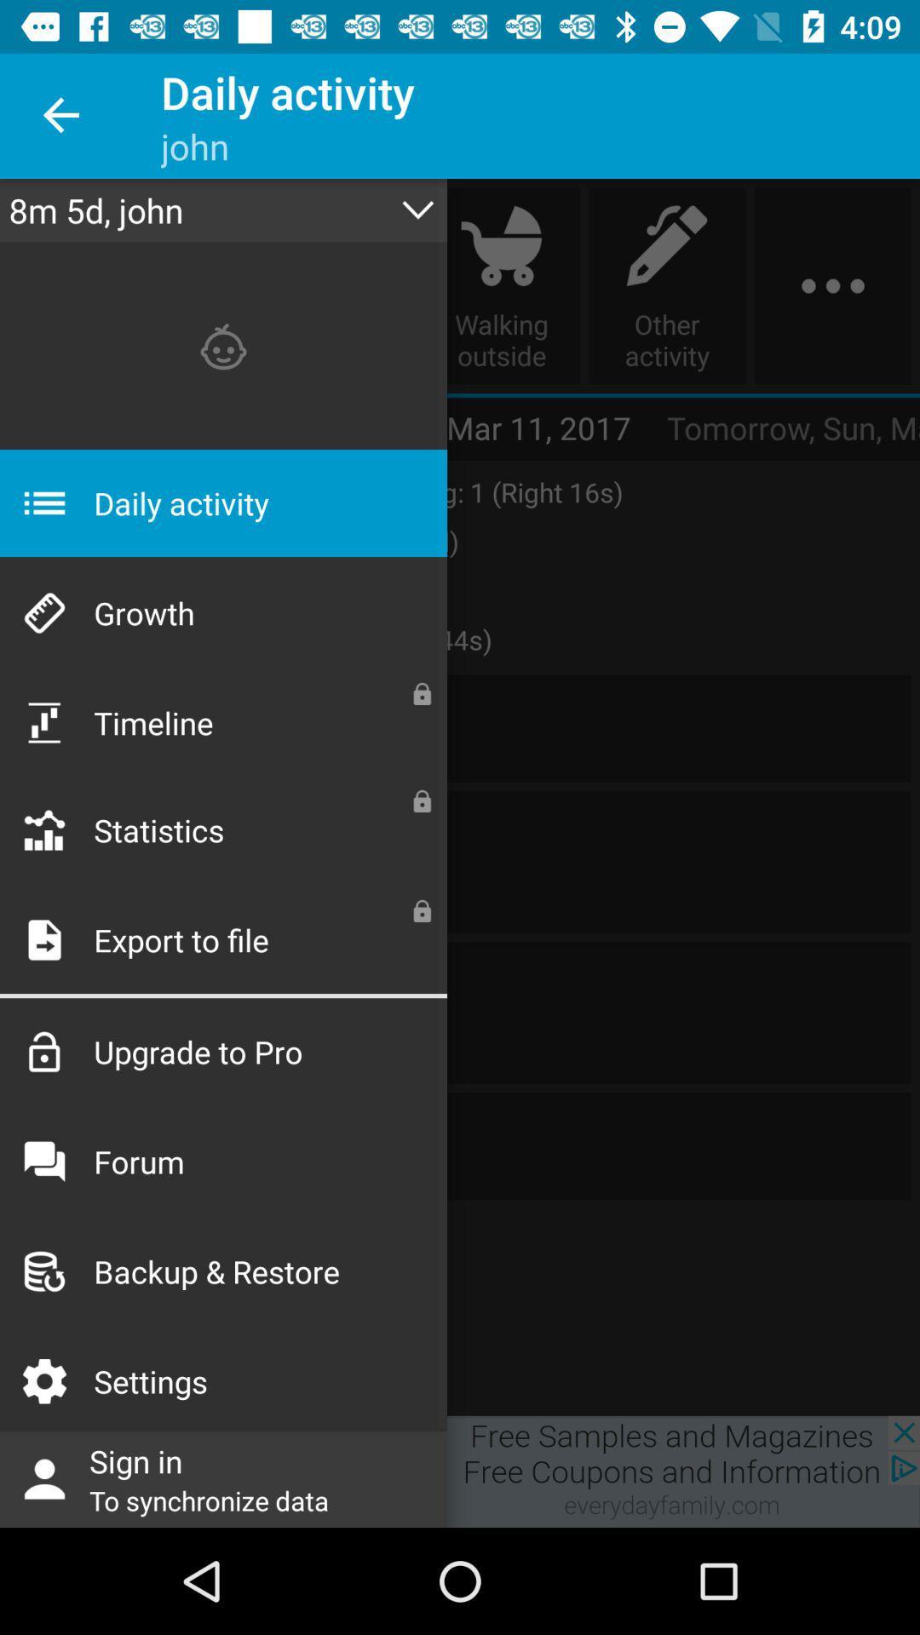 The image size is (920, 1635). I want to click on the more icon, so click(831, 286).